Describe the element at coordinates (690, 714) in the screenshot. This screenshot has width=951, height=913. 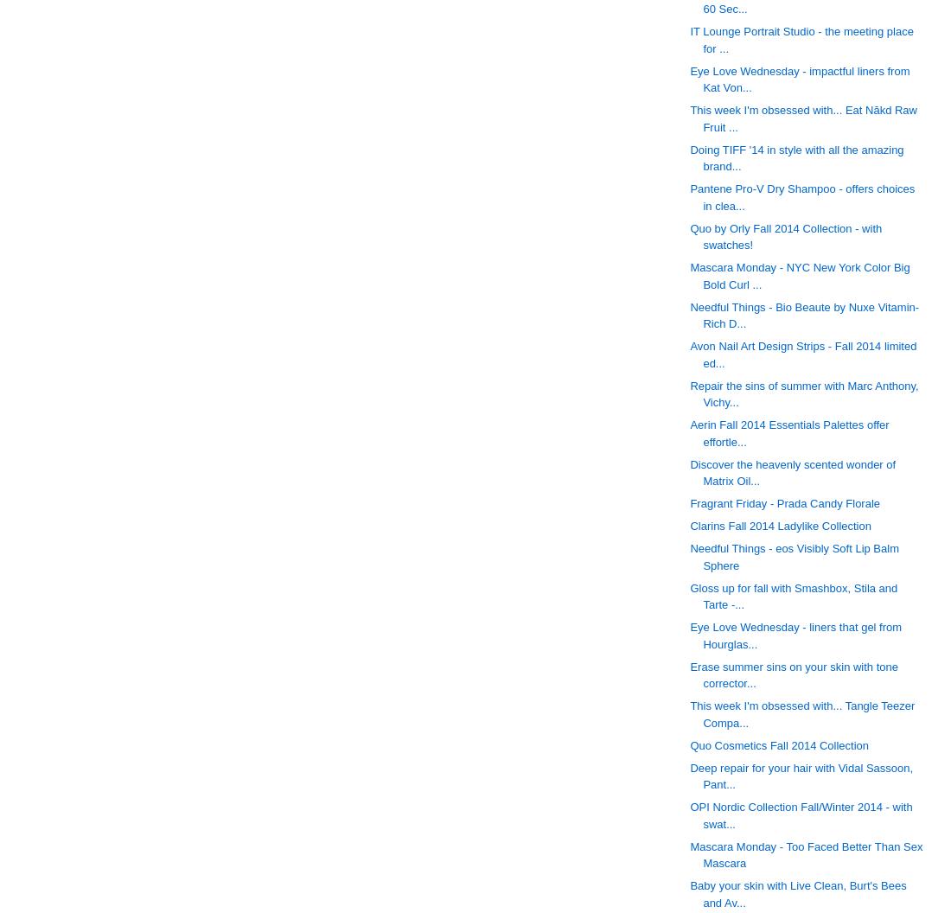
I see `'This week I'm obsessed with... Tangle Teezer Compa...'` at that location.